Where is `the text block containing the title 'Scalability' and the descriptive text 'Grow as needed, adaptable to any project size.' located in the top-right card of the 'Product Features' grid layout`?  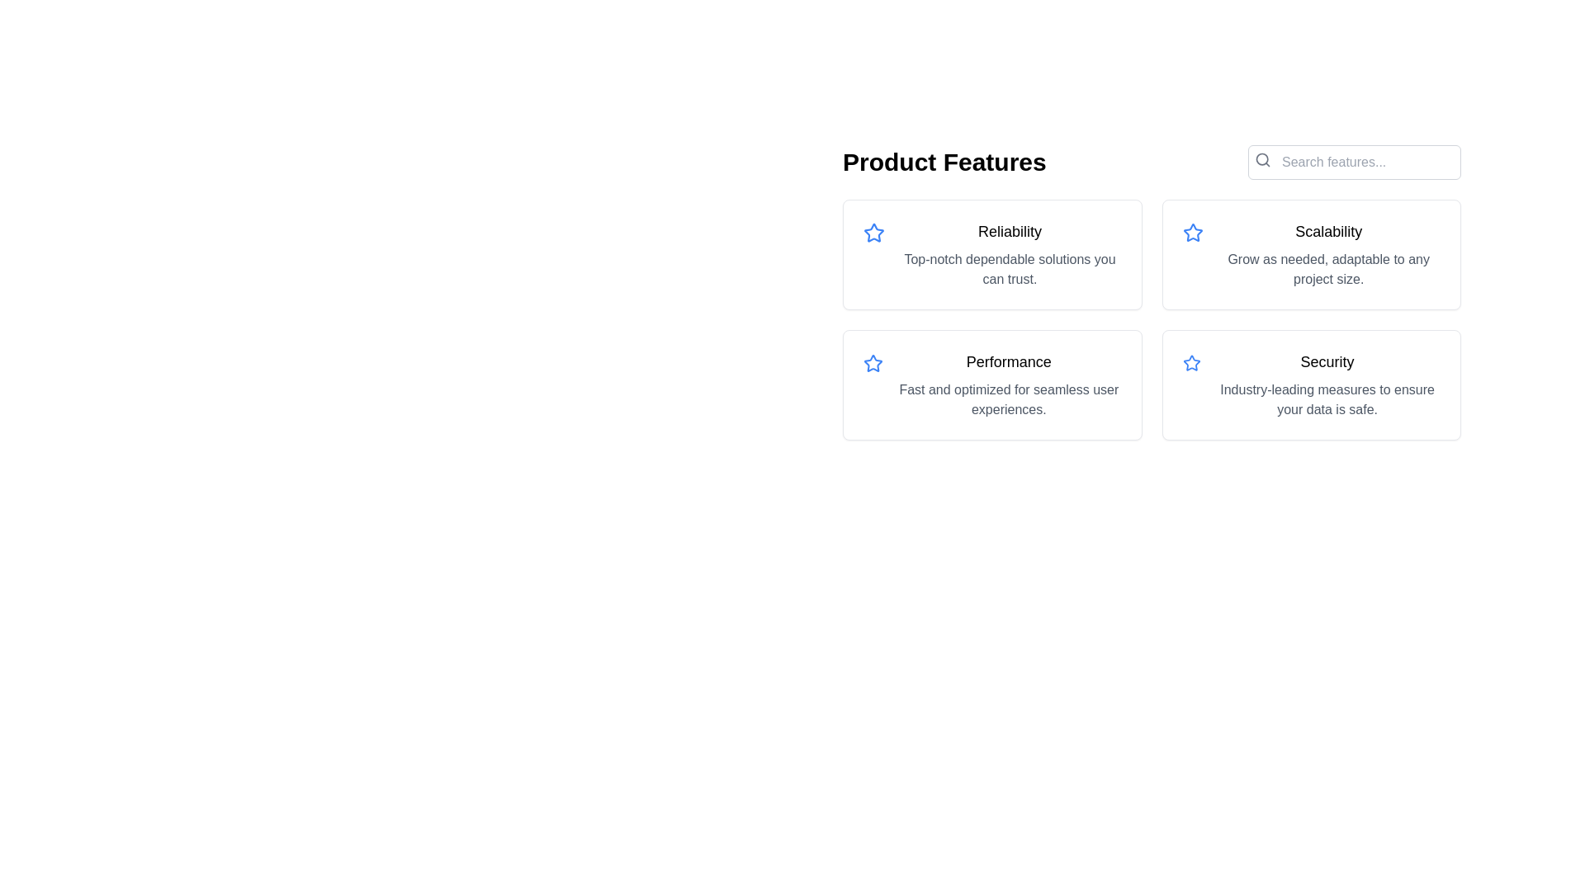
the text block containing the title 'Scalability' and the descriptive text 'Grow as needed, adaptable to any project size.' located in the top-right card of the 'Product Features' grid layout is located at coordinates (1328, 254).